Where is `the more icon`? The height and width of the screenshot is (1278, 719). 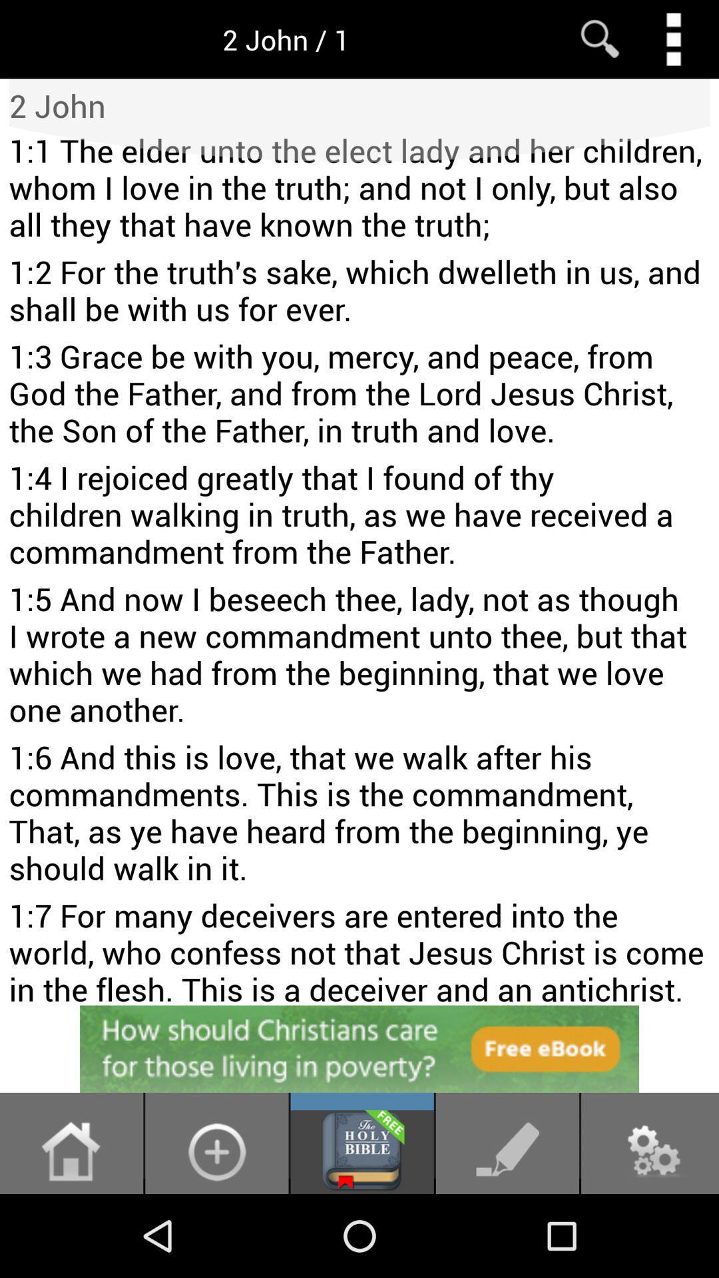 the more icon is located at coordinates (673, 42).